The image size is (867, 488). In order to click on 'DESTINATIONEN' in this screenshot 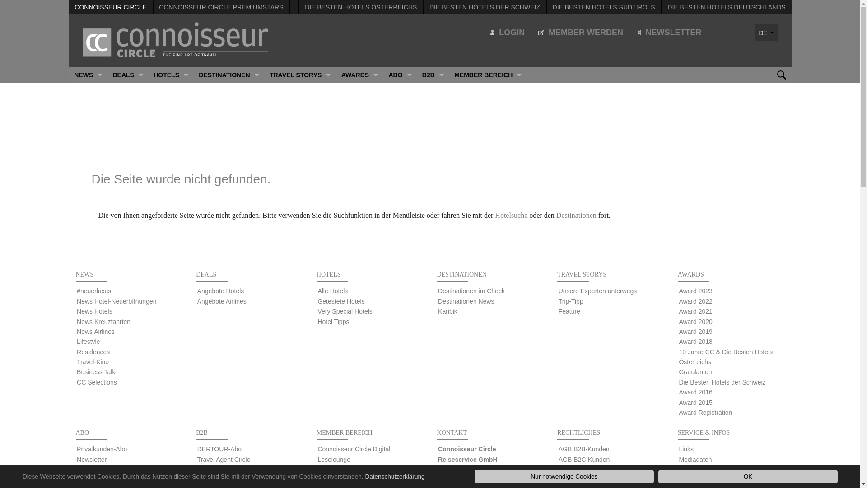, I will do `click(229, 75)`.